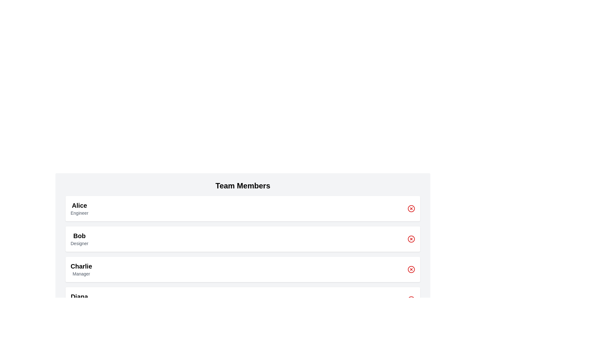 Image resolution: width=608 pixels, height=342 pixels. I want to click on the circular icon button with a red 'X' symbol located at the far right end of the row for user 'Alice' with the title 'Engineer', so click(411, 209).